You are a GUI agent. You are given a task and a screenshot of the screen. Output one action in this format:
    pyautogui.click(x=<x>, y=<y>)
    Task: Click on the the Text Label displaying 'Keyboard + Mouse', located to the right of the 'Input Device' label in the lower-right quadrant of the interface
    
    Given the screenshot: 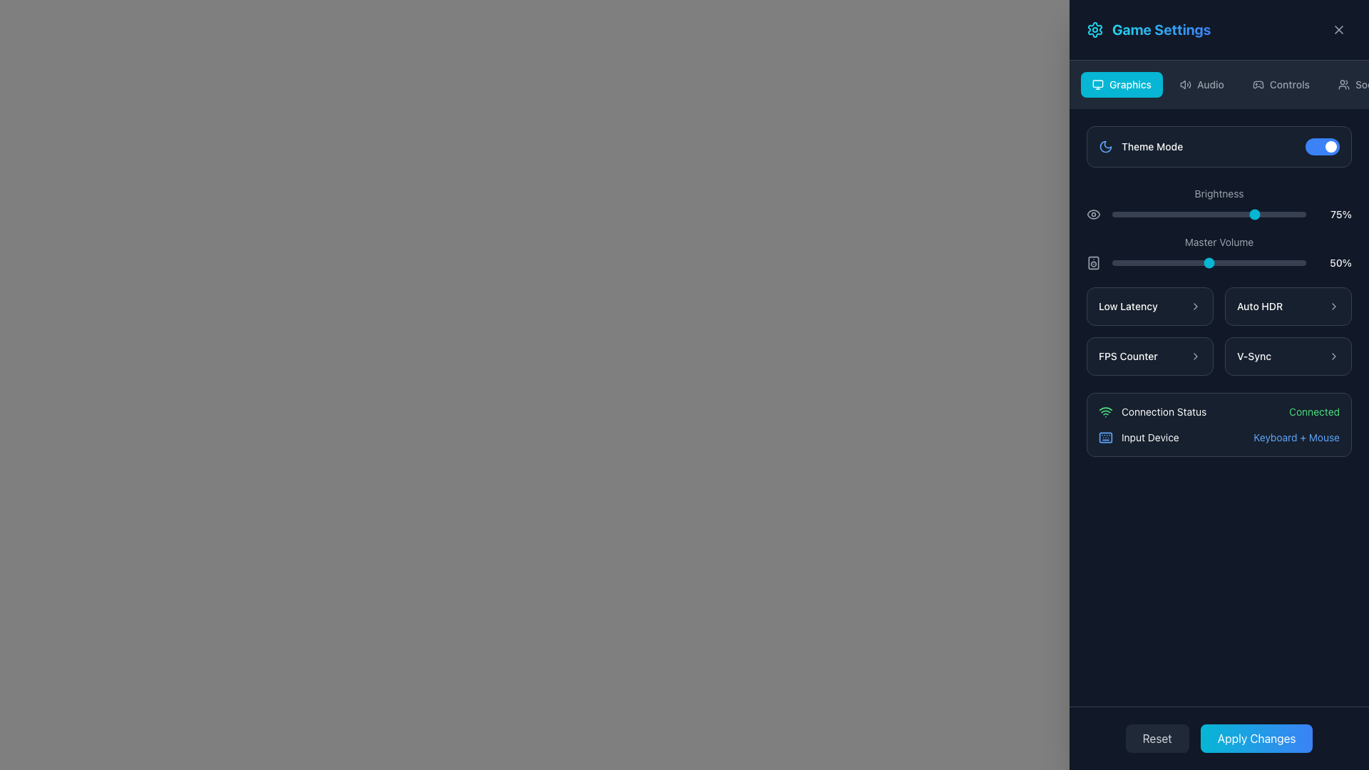 What is the action you would take?
    pyautogui.click(x=1296, y=436)
    